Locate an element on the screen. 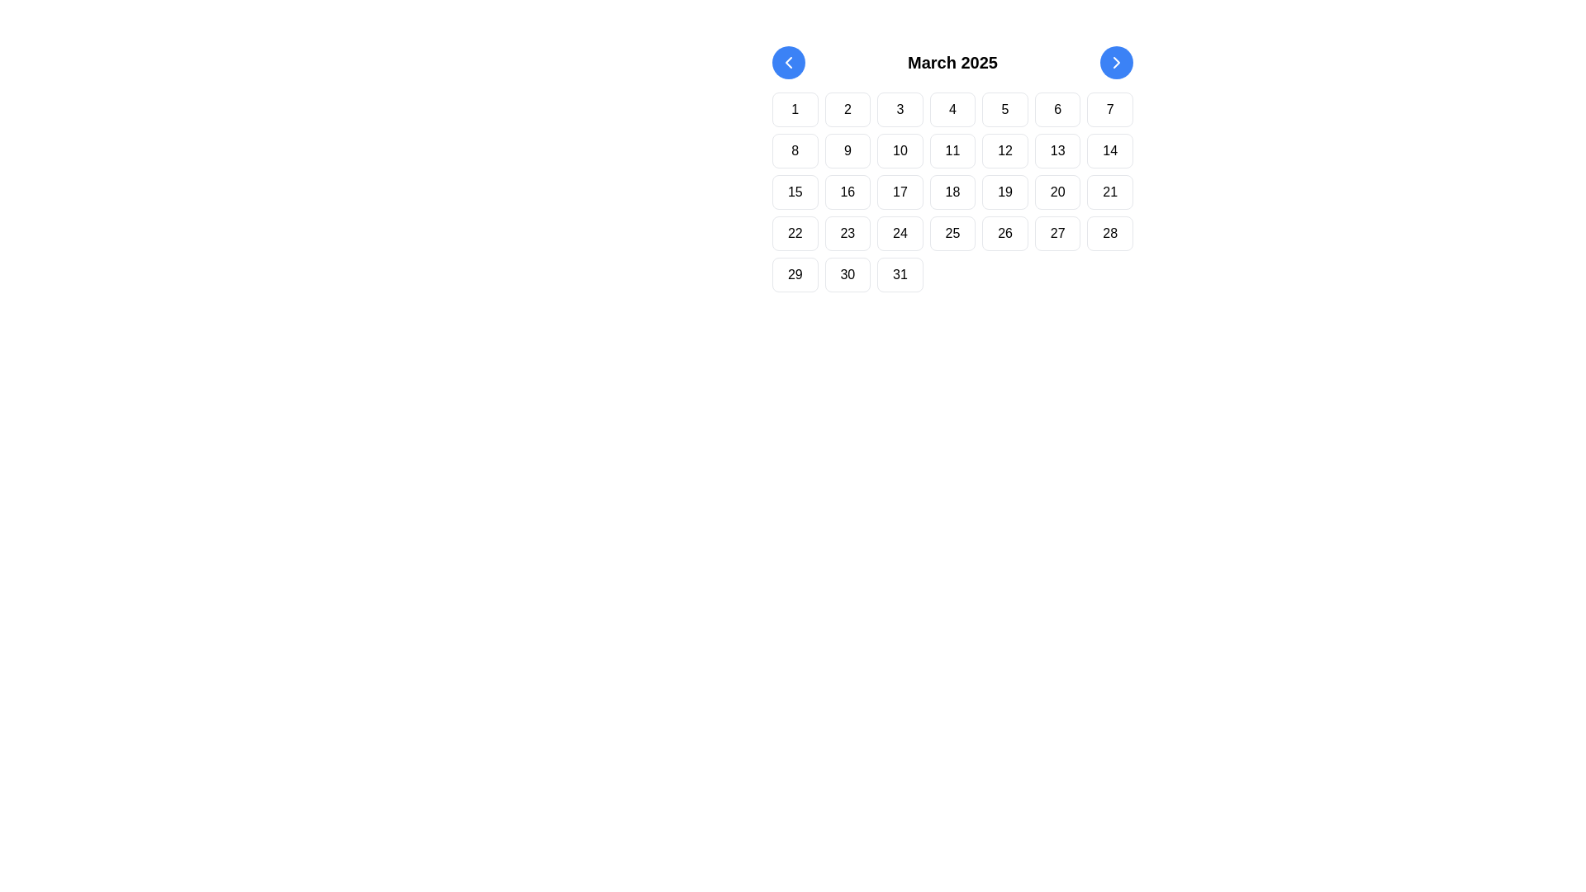  the right-pointing chevron icon with a thin blue and white outline inside a circular button located at the top-right corner of the interface, adjacent to the calendar heading is located at coordinates (1117, 62).